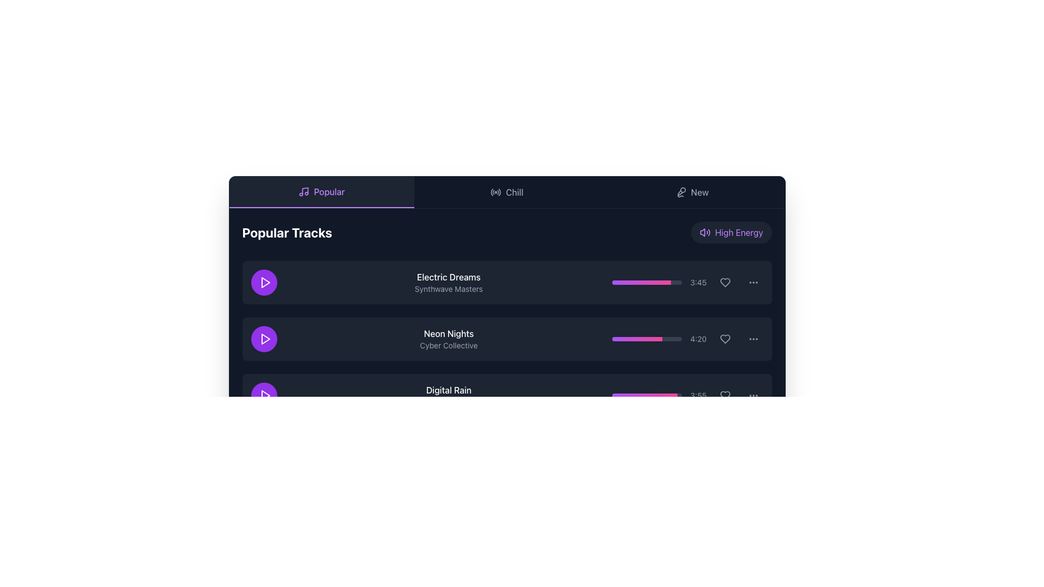  Describe the element at coordinates (264, 282) in the screenshot. I see `the leftmost play button for the music track 'Electric Dreams' to initiate playback` at that location.